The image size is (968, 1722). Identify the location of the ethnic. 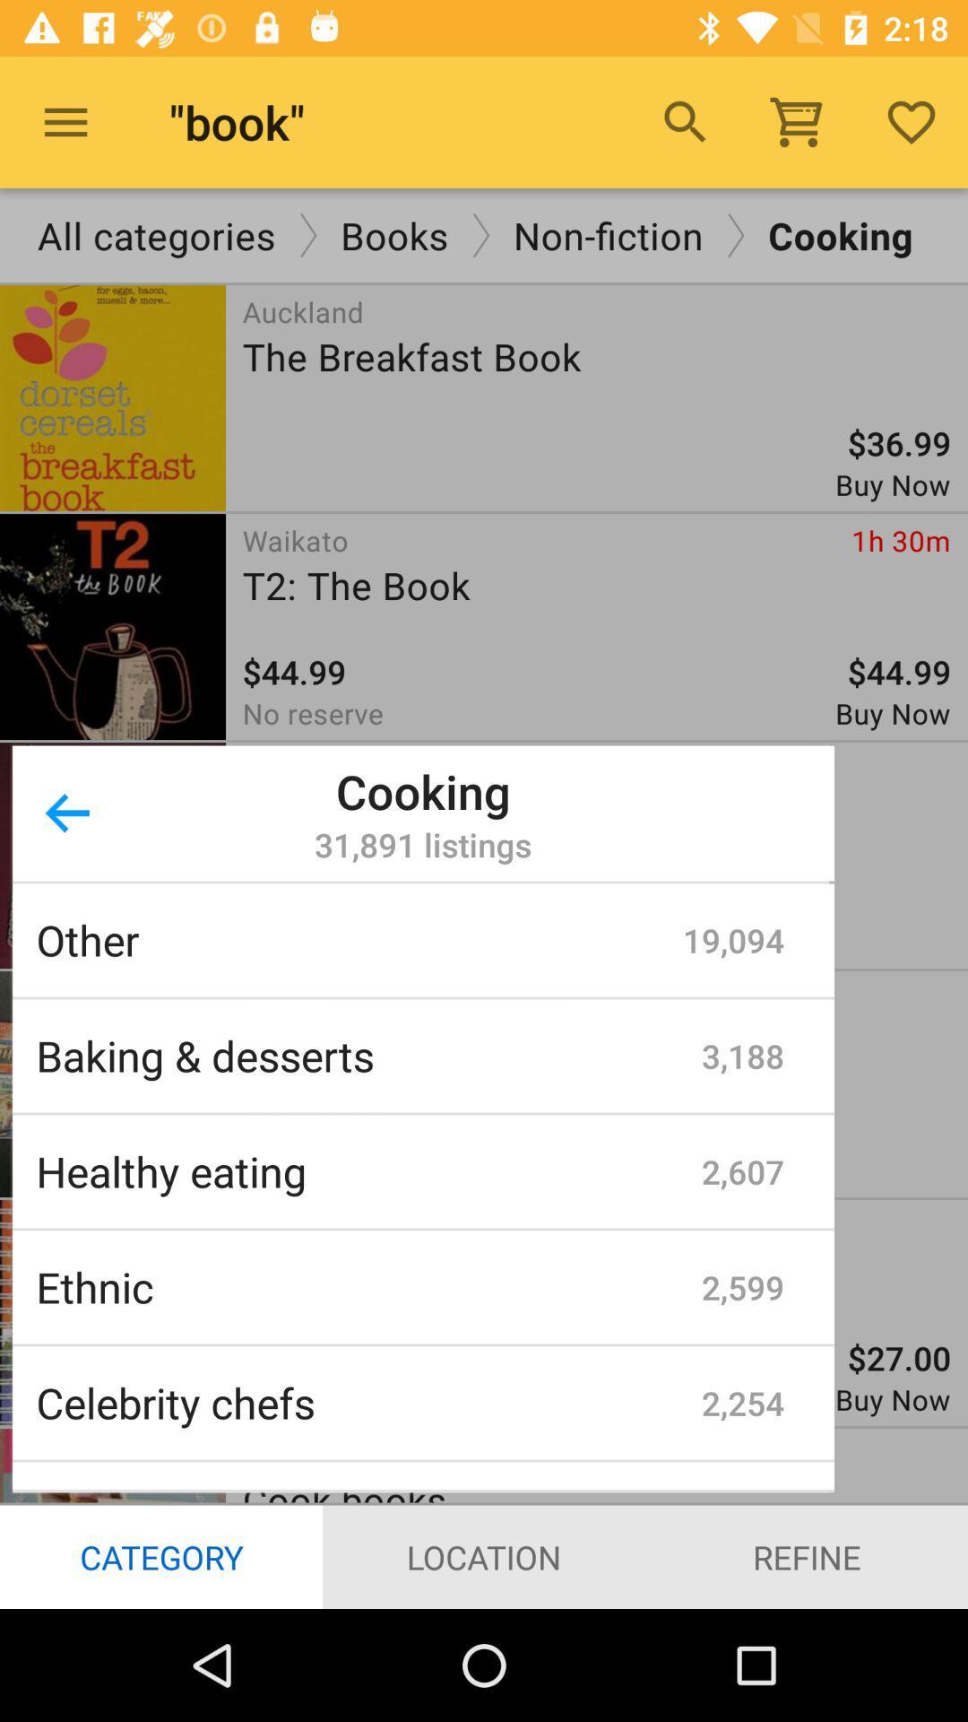
(367, 1286).